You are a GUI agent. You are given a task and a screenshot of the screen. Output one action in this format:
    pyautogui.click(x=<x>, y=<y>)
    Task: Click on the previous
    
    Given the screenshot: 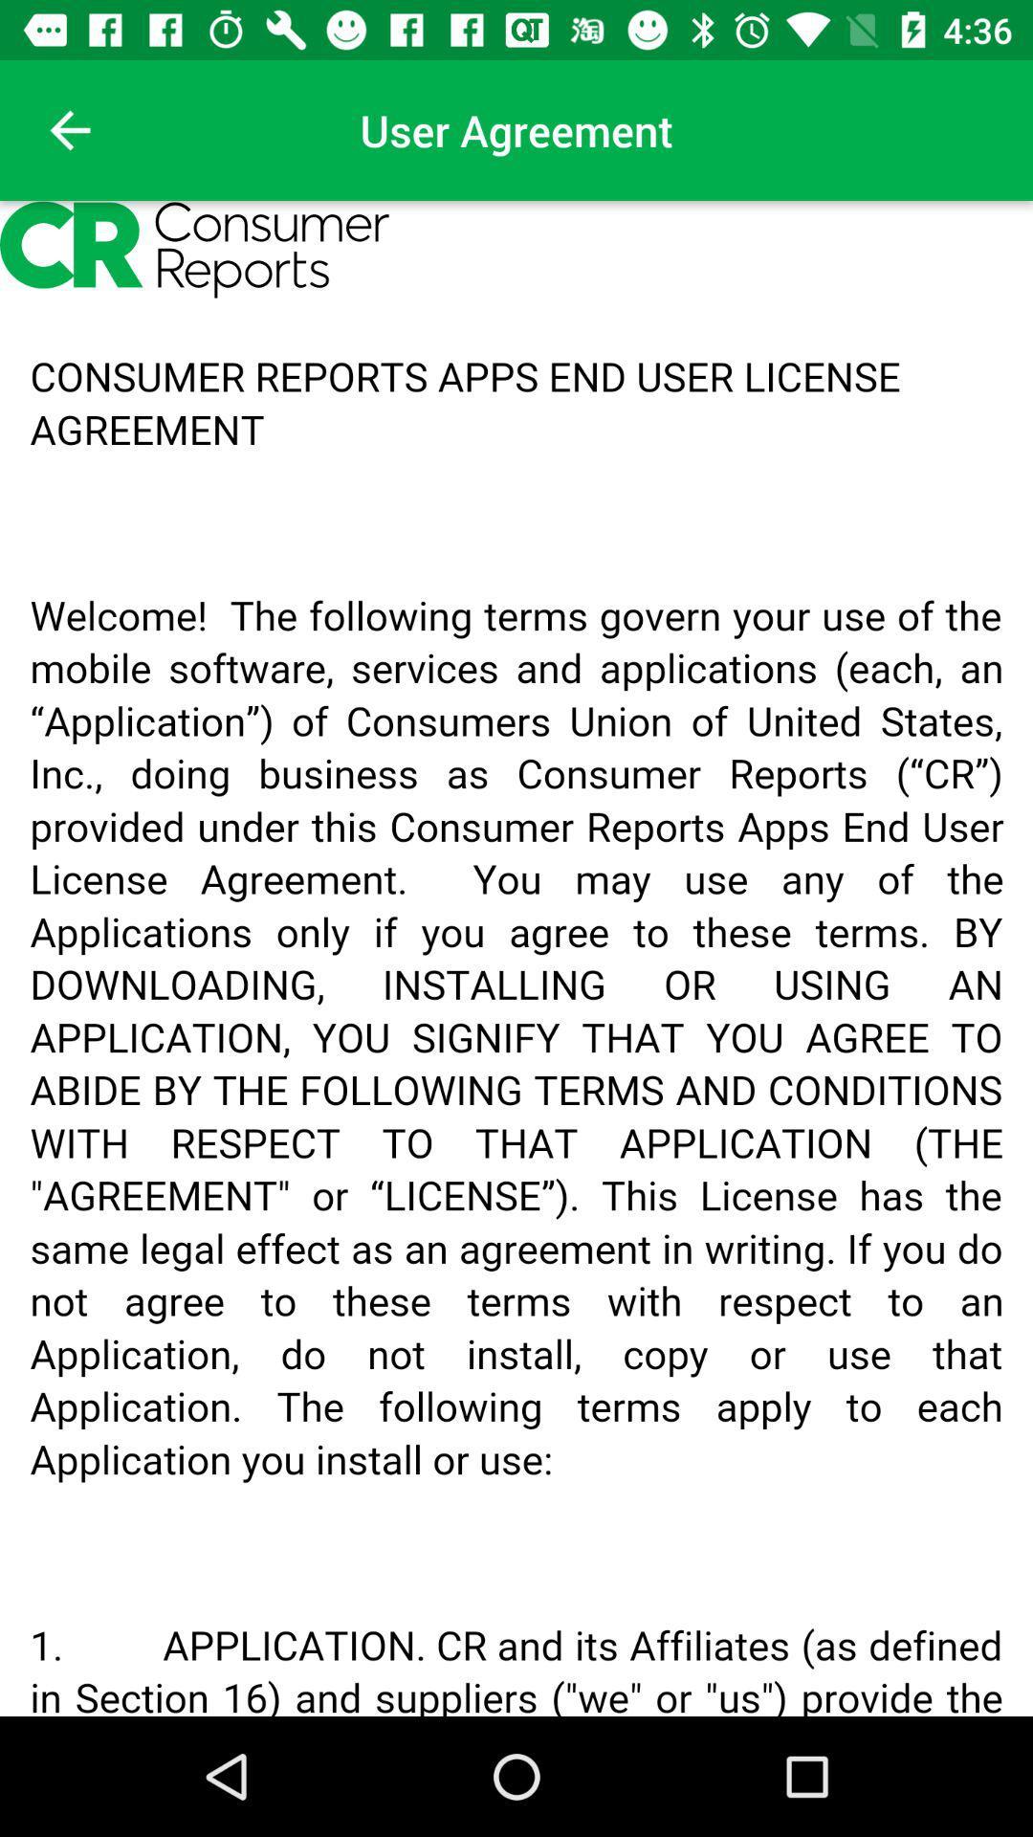 What is the action you would take?
    pyautogui.click(x=69, y=129)
    